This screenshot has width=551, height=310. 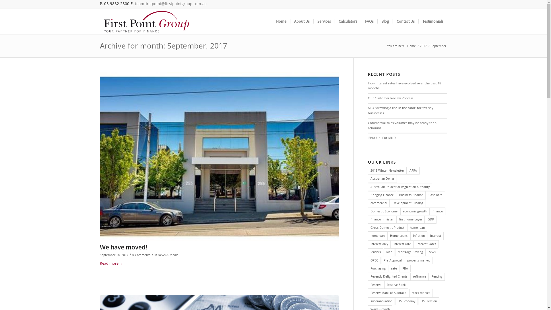 What do you see at coordinates (369, 21) in the screenshot?
I see `'FAQs'` at bounding box center [369, 21].